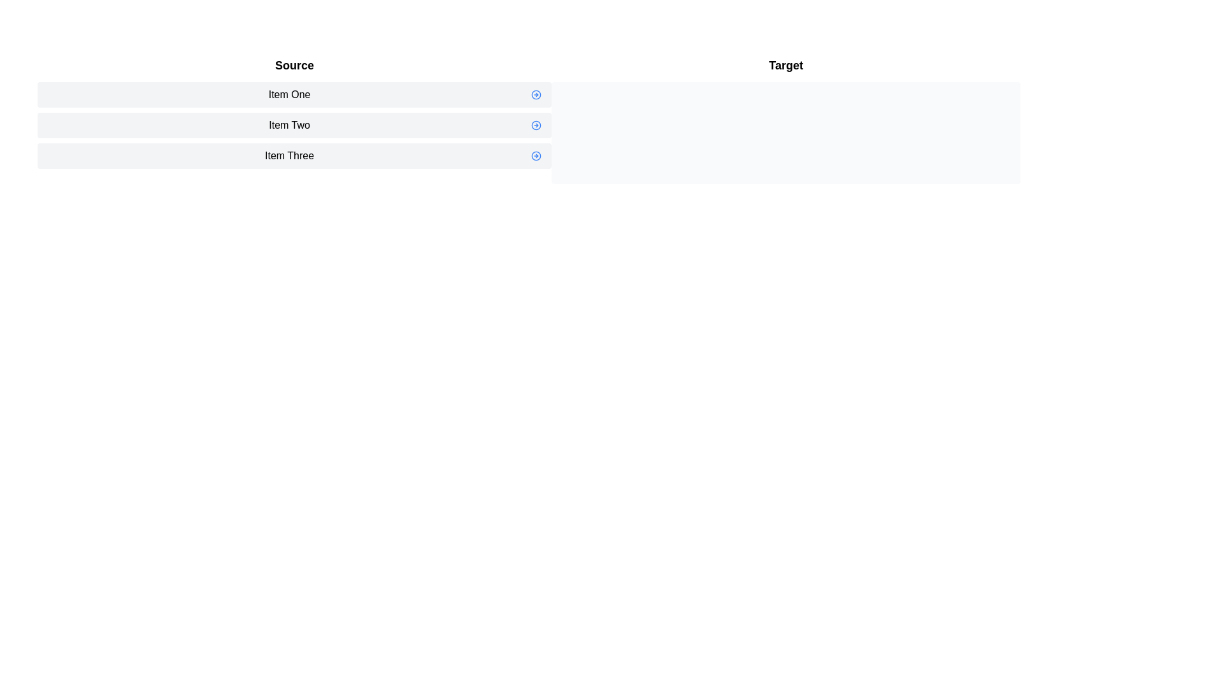 The height and width of the screenshot is (688, 1223). Describe the element at coordinates (294, 125) in the screenshot. I see `the second list item titled 'Item Two' which has a light gray background and a circular icon on the right` at that location.